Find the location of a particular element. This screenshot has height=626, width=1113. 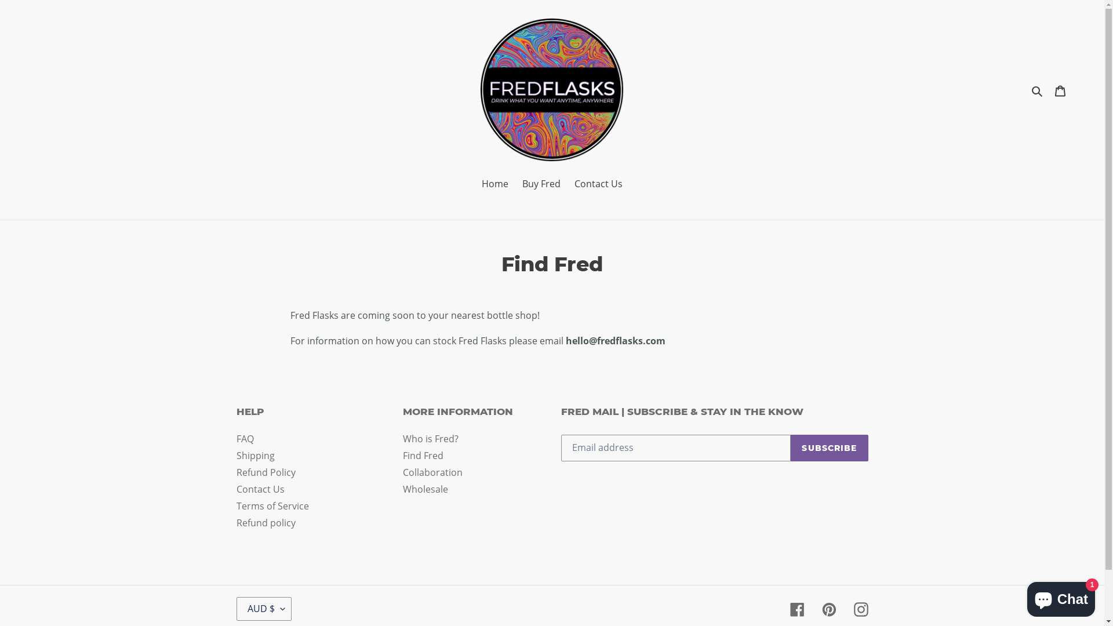

'Contact Us' is located at coordinates (260, 489).